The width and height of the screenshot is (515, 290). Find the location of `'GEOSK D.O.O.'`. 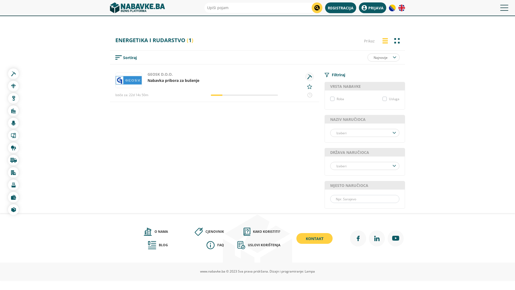

'GEOSK D.O.O.' is located at coordinates (160, 74).